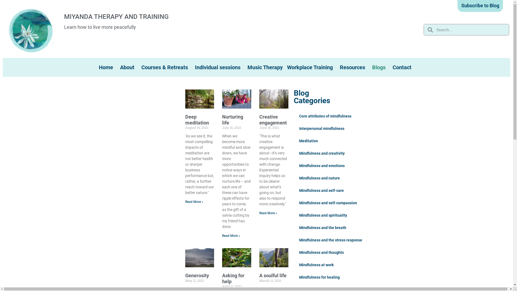 This screenshot has height=291, width=517. I want to click on 'Core attributes of mindfulness', so click(325, 116).